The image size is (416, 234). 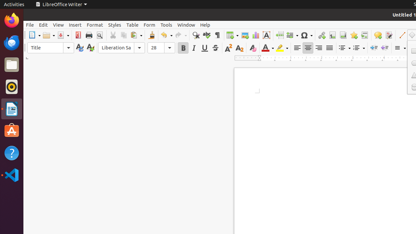 What do you see at coordinates (99, 35) in the screenshot?
I see `'Print Preview'` at bounding box center [99, 35].